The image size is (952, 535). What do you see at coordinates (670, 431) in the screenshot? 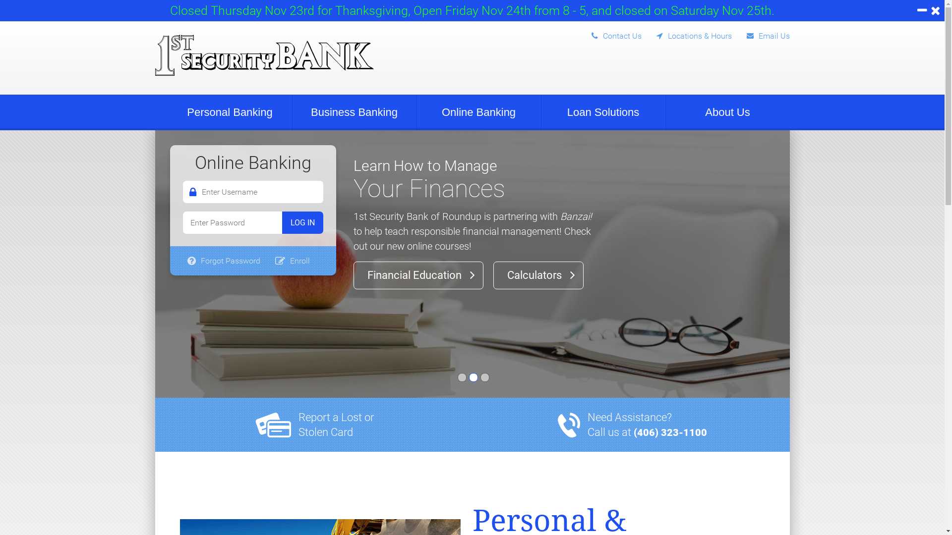
I see `'(406) 323-1100'` at bounding box center [670, 431].